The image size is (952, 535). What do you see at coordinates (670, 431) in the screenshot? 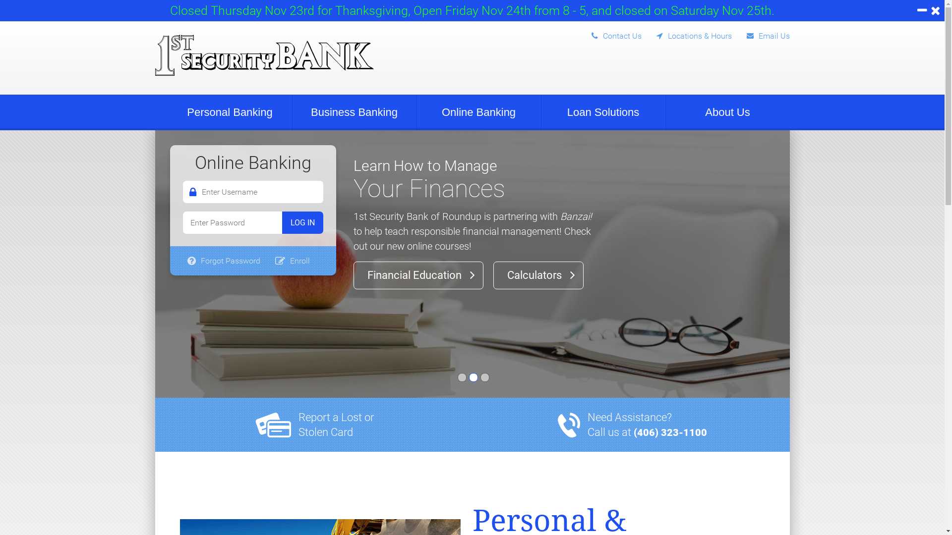
I see `'(406) 323-1100'` at bounding box center [670, 431].